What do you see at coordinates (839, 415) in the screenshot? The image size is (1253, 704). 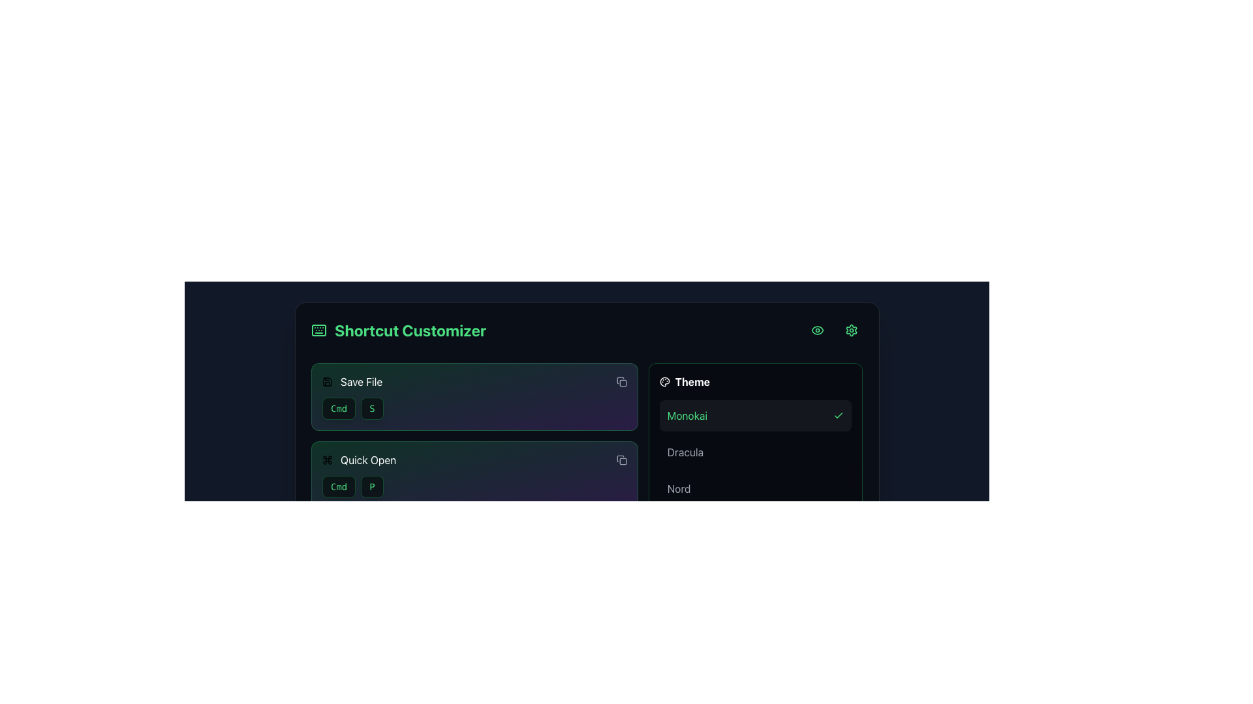 I see `the selection indicator icon for the 'Monokai' theme, which is positioned at the right end of the list item, to denote the currently selected option` at bounding box center [839, 415].